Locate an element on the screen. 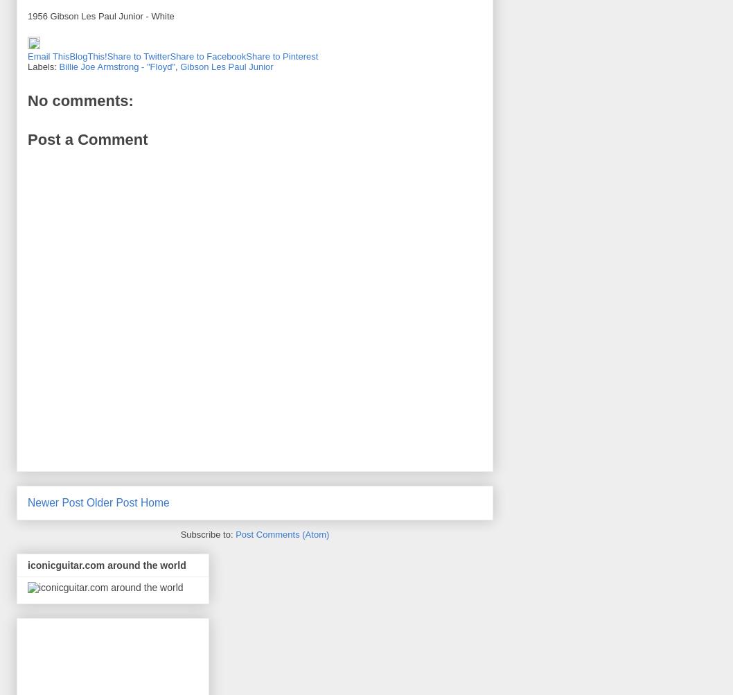 The image size is (733, 695). 'Home' is located at coordinates (139, 501).